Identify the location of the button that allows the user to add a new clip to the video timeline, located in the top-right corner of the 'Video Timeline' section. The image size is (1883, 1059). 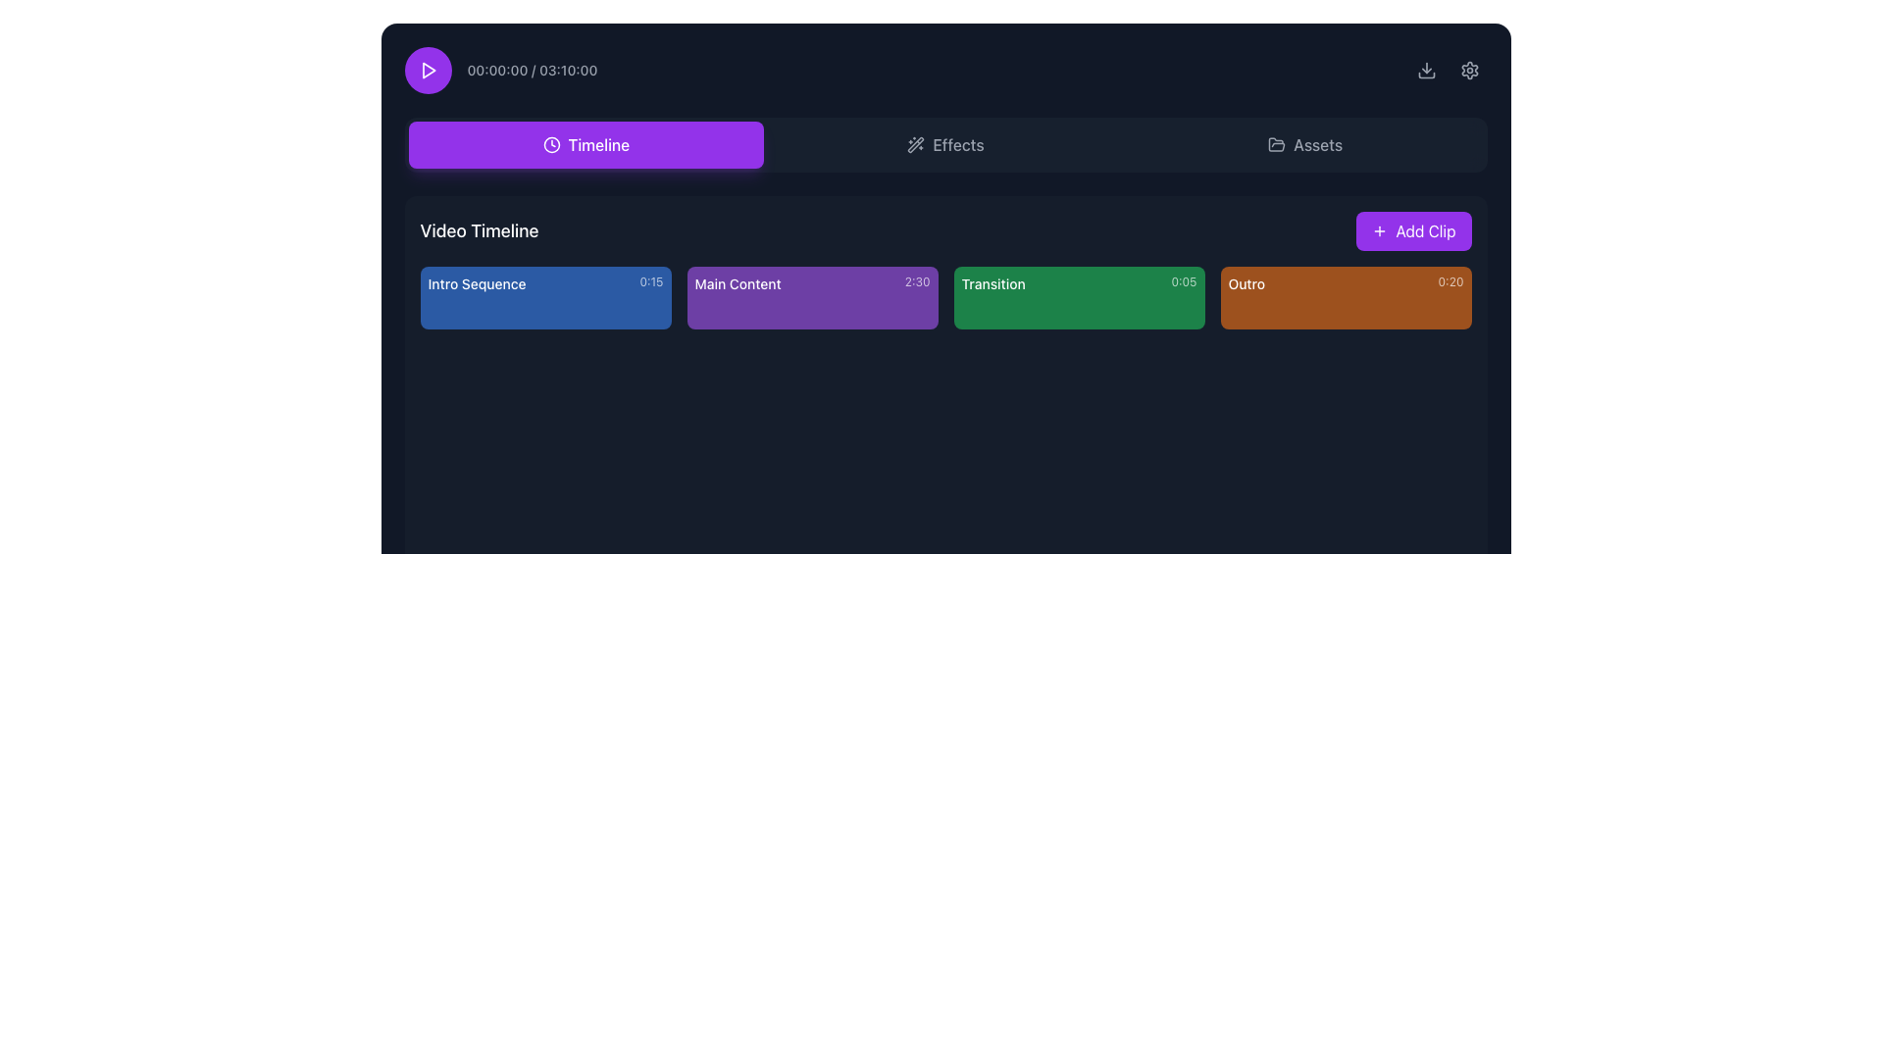
(1413, 229).